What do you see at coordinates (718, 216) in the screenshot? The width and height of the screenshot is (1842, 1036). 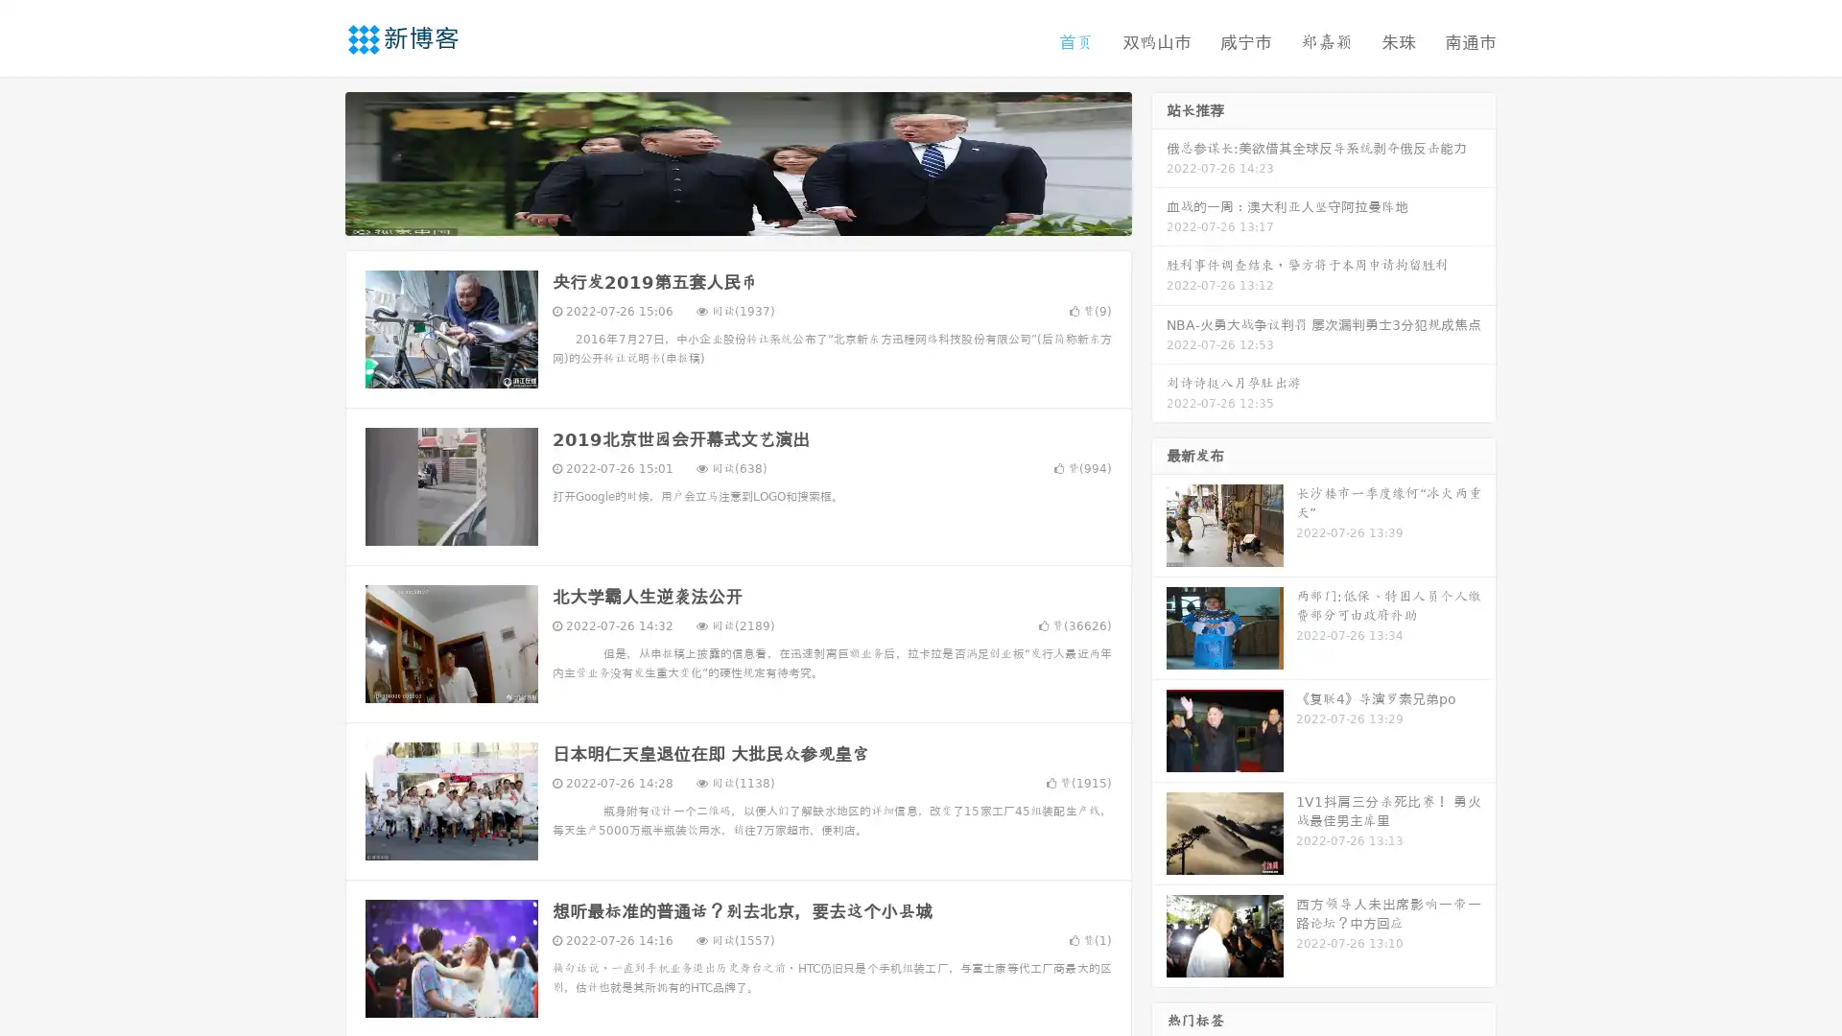 I see `Go to slide 1` at bounding box center [718, 216].